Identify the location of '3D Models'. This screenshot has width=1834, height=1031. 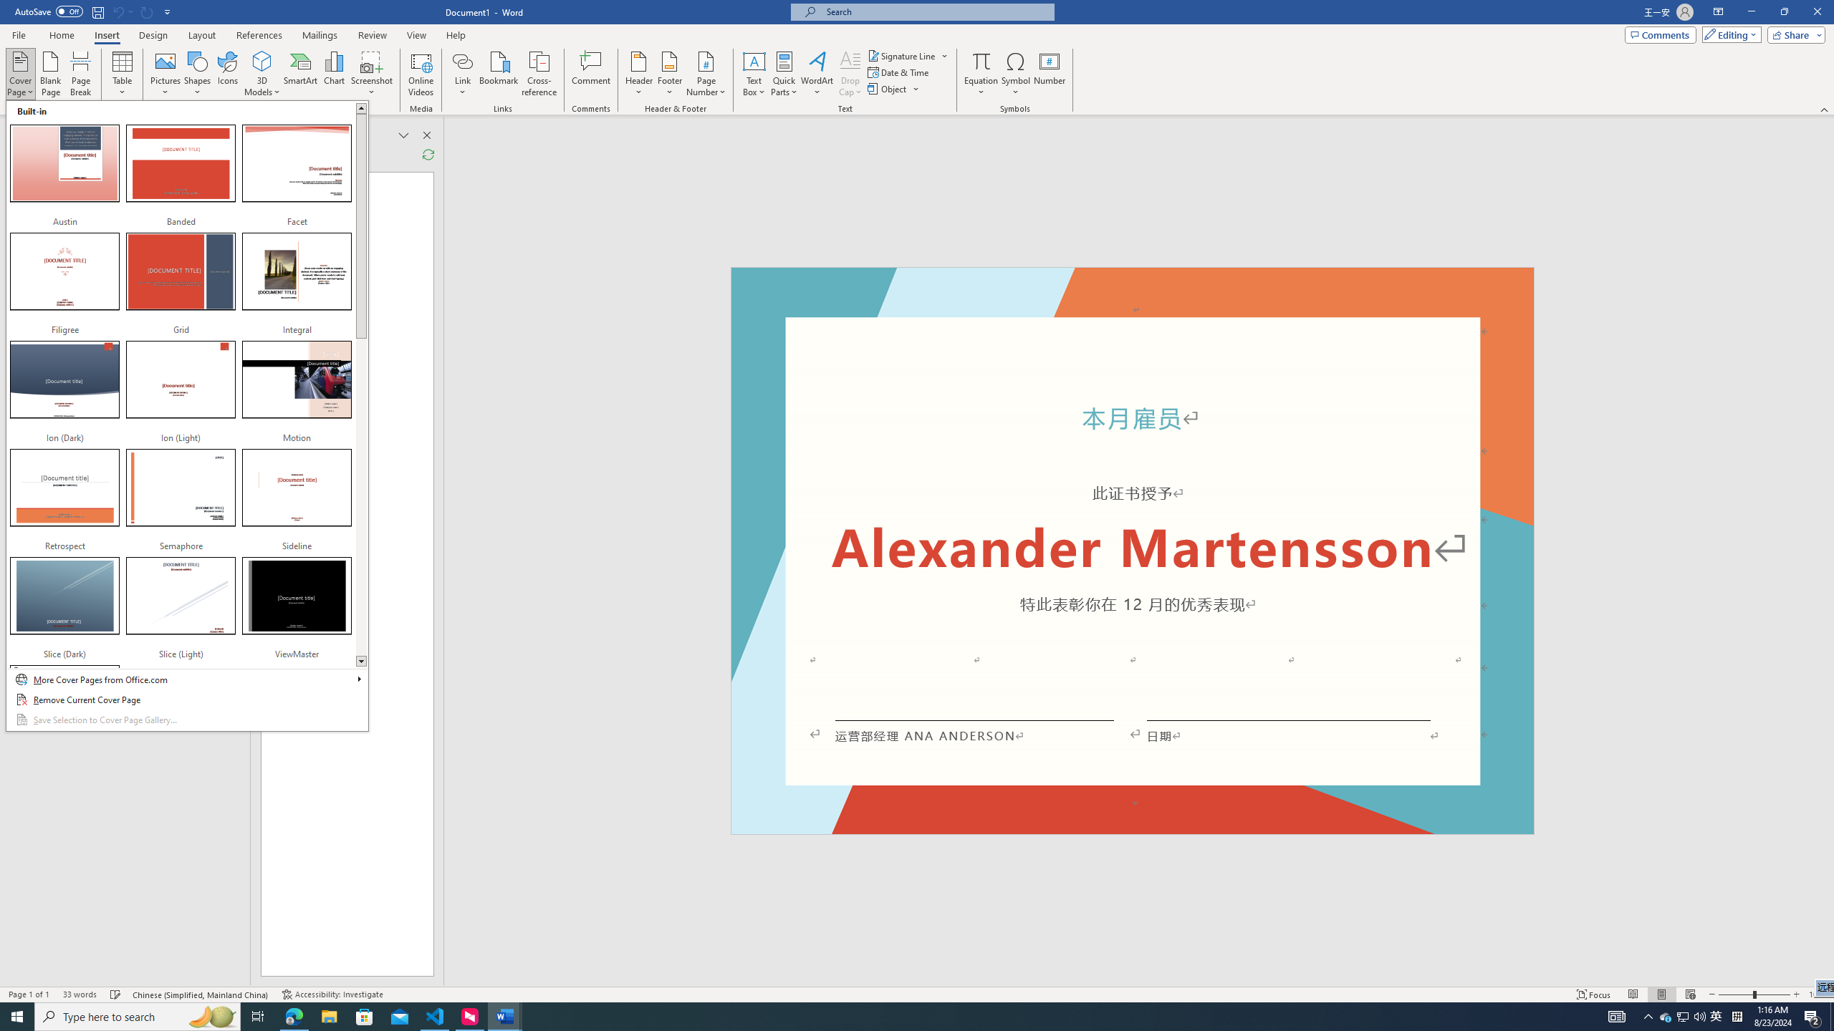
(262, 60).